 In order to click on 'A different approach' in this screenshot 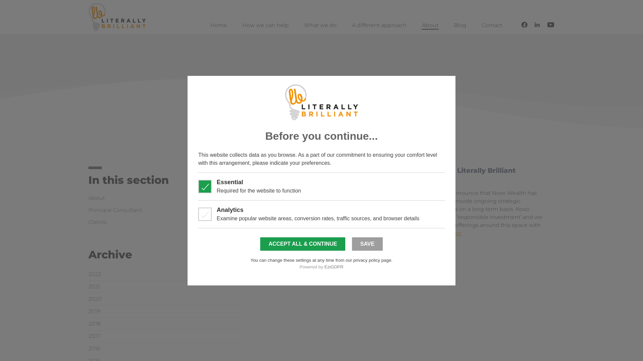, I will do `click(379, 25)`.